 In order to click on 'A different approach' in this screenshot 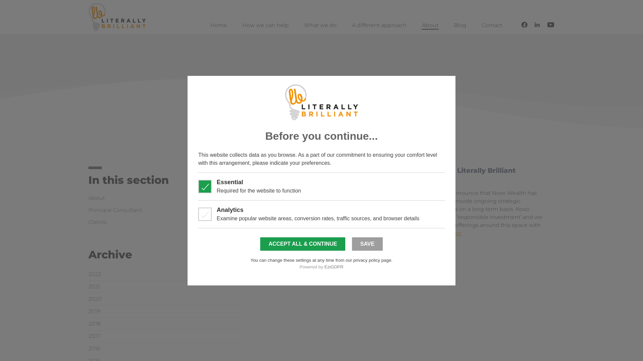, I will do `click(379, 25)`.